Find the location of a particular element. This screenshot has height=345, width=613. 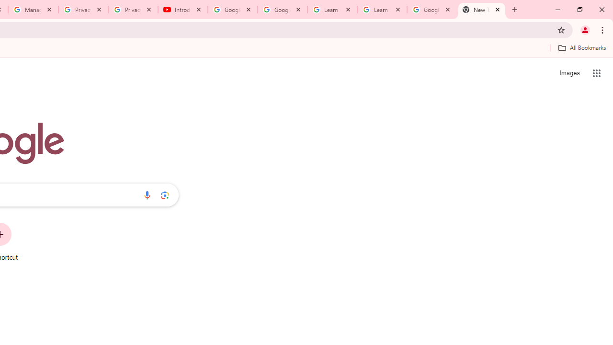

'New Tab' is located at coordinates (482, 10).